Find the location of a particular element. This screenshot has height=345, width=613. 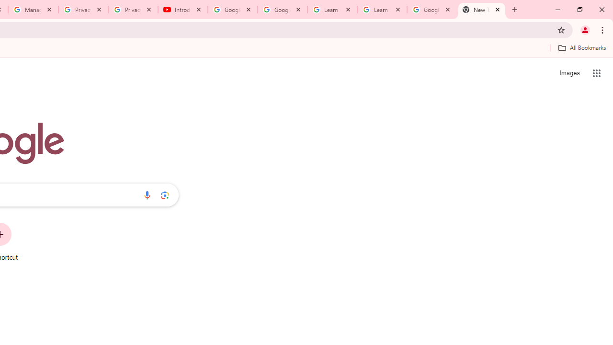

'New Tab' is located at coordinates (482, 10).